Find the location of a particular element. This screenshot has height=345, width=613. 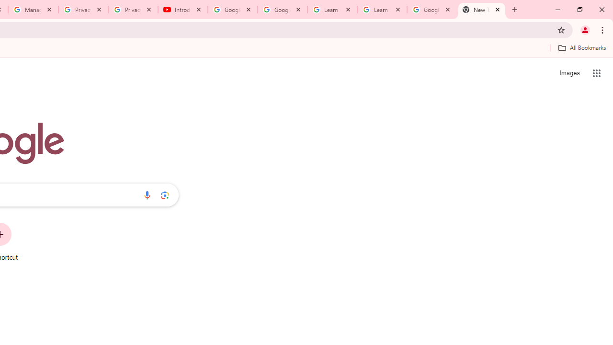

'New Tab' is located at coordinates (482, 10).